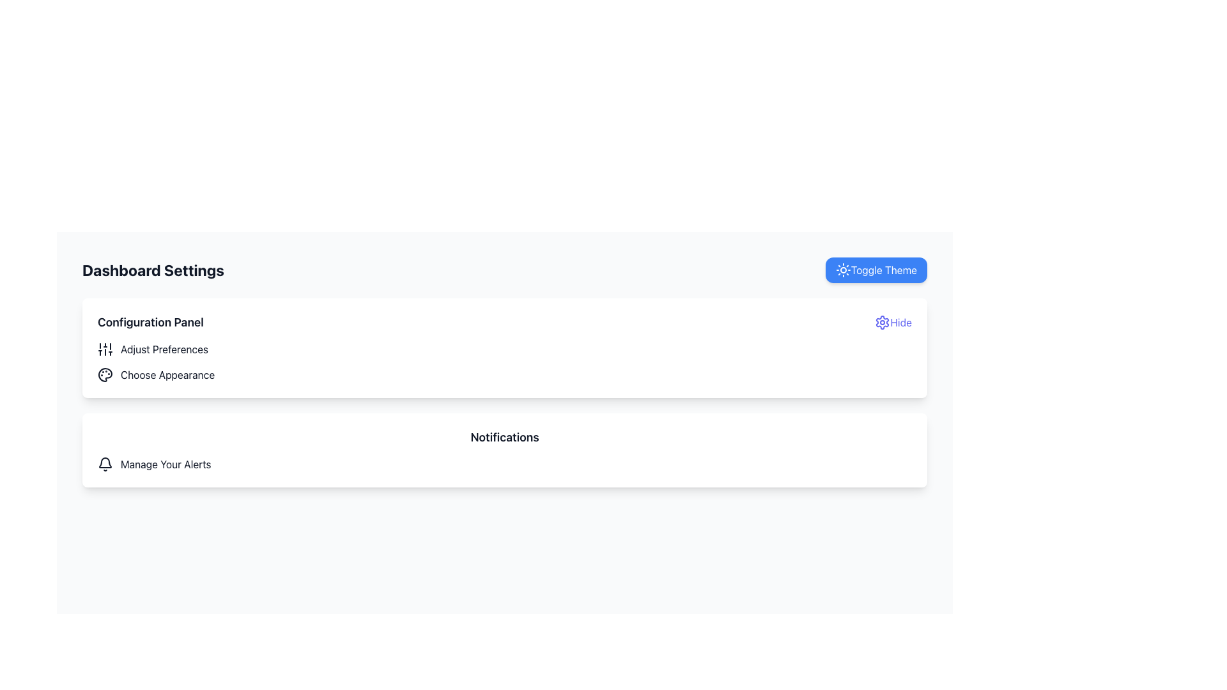  Describe the element at coordinates (105, 464) in the screenshot. I see `the bell icon, which is the first icon on the left within the 'Notifications' subsection, representing a notification symbol` at that location.